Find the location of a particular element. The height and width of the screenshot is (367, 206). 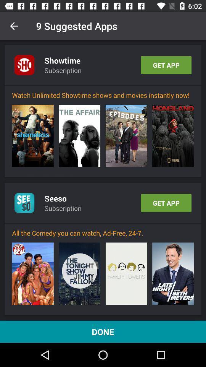

the item above the seeso item is located at coordinates (79, 136).